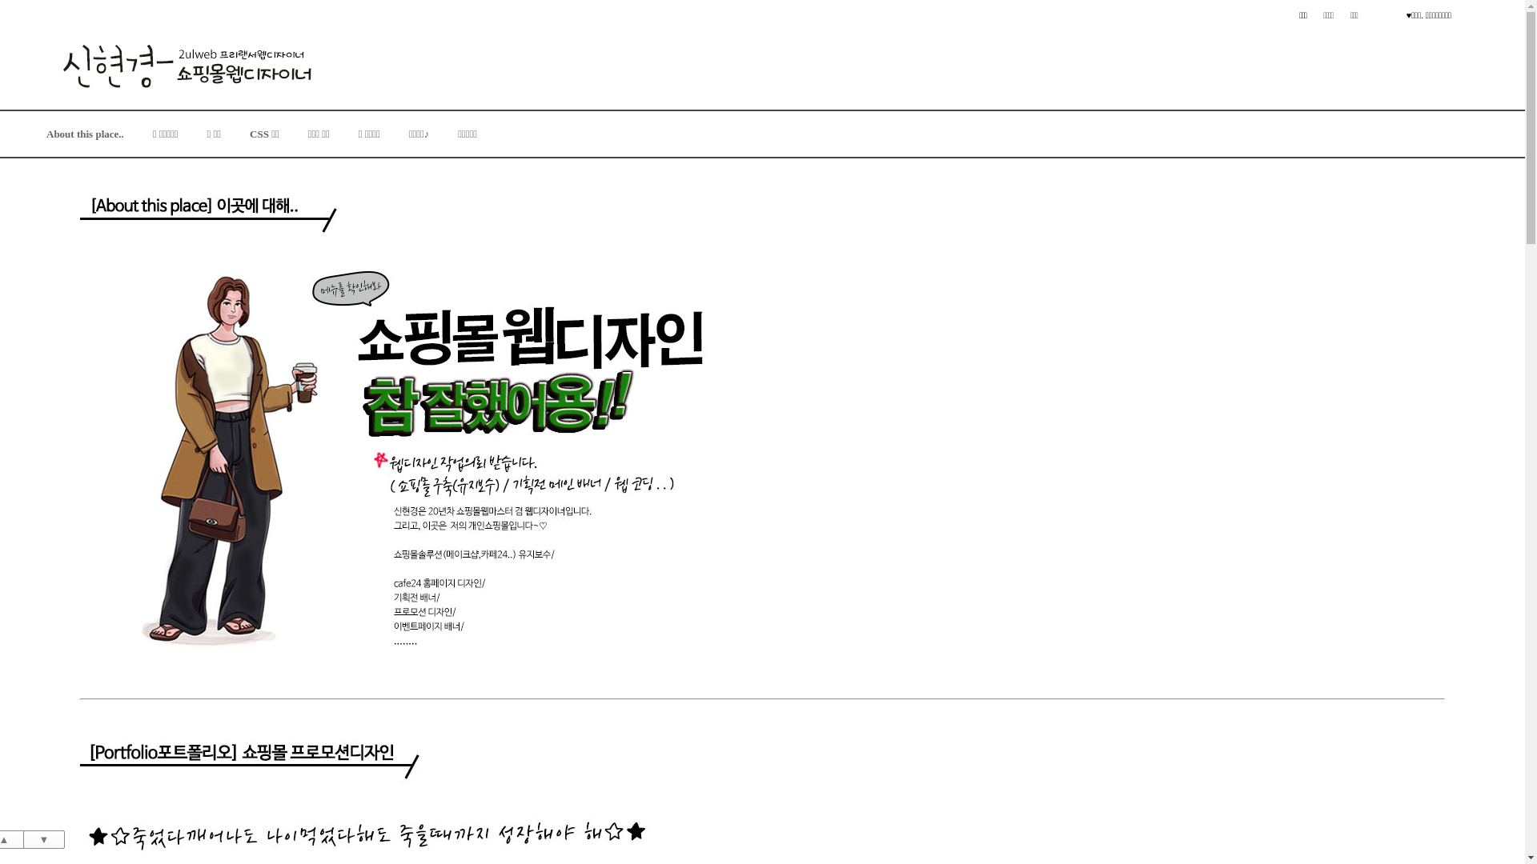 Image resolution: width=1537 pixels, height=864 pixels. Describe the element at coordinates (84, 133) in the screenshot. I see `'About this place..'` at that location.